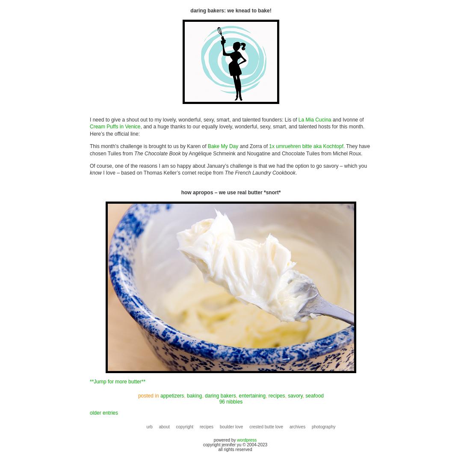 The image size is (473, 460). Describe the element at coordinates (89, 150) in the screenshot. I see `'. They have chosen Tuiles from'` at that location.